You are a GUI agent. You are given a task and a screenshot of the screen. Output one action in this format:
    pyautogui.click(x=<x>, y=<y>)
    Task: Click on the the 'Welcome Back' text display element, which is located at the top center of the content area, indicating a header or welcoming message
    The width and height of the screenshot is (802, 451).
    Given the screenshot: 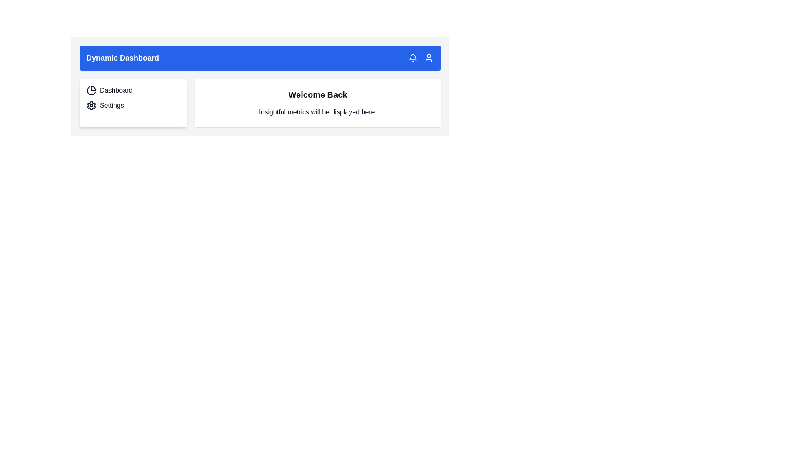 What is the action you would take?
    pyautogui.click(x=317, y=94)
    